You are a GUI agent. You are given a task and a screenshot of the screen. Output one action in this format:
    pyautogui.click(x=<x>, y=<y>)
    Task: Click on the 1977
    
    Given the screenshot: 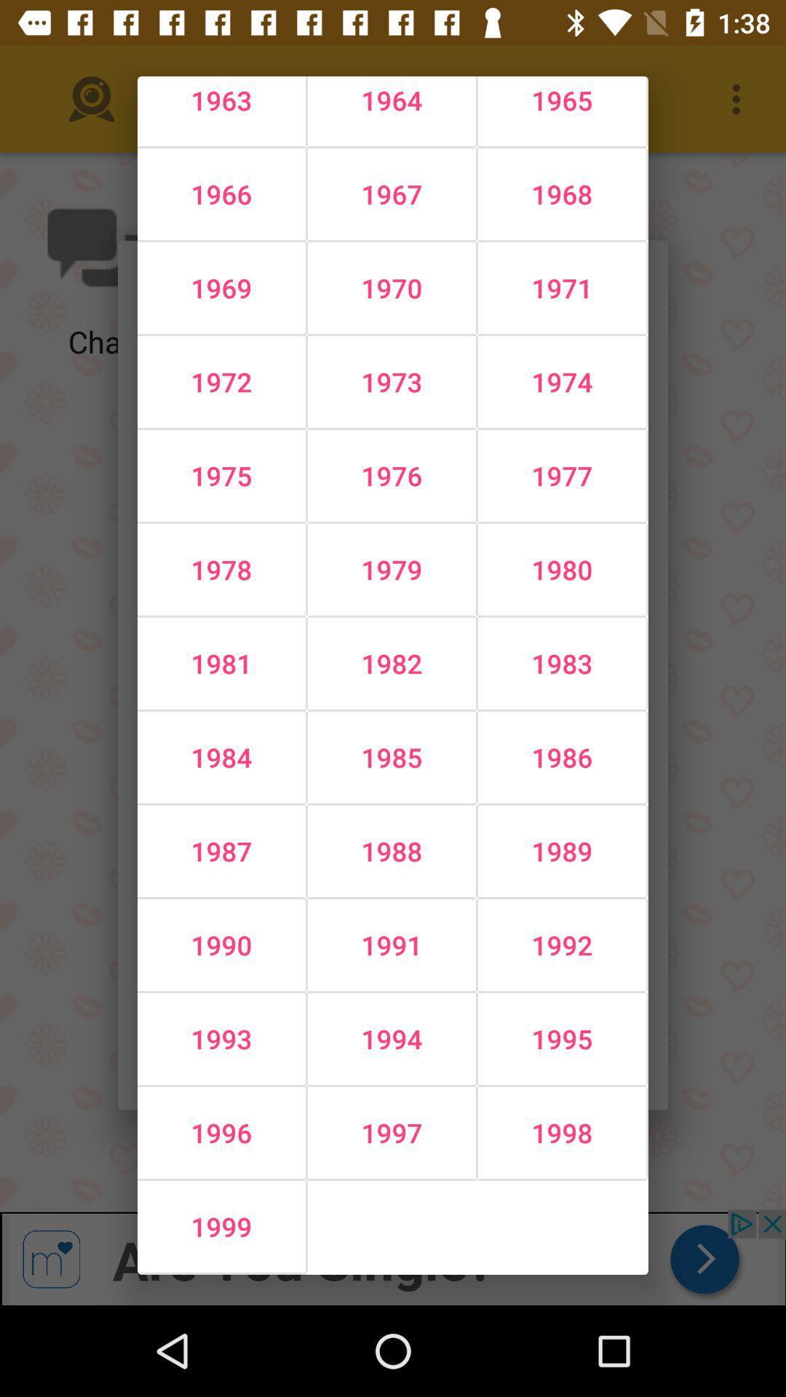 What is the action you would take?
    pyautogui.click(x=561, y=475)
    